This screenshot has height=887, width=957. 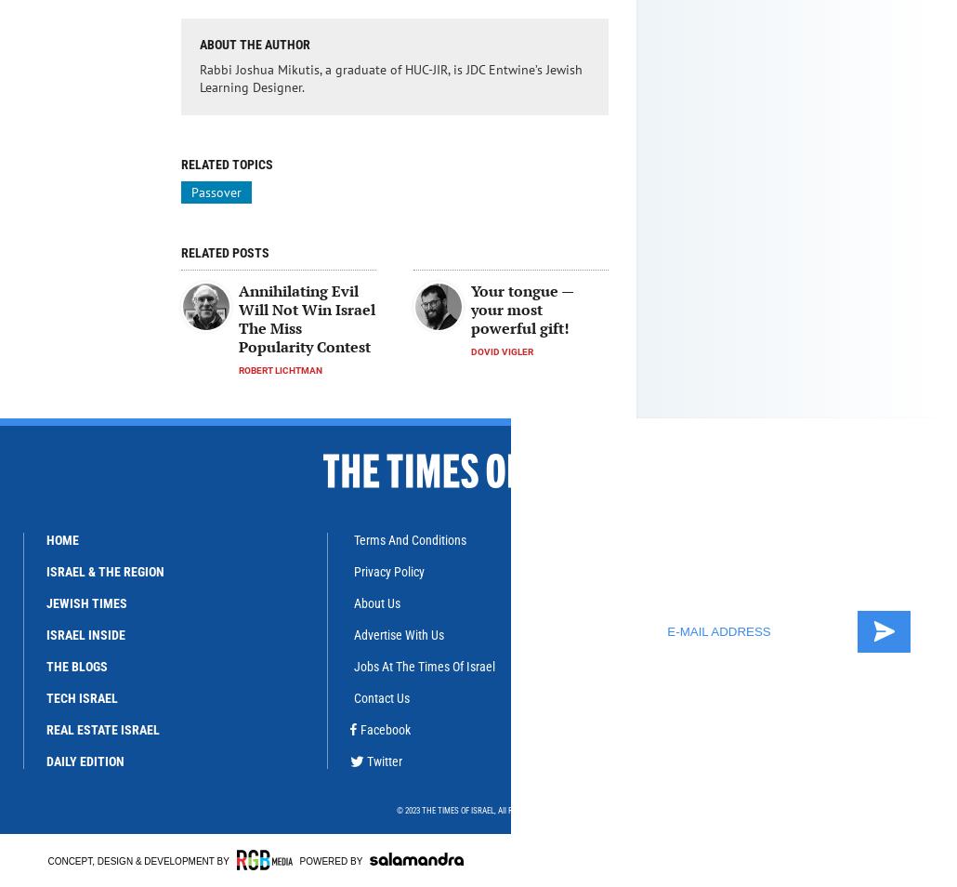 I want to click on 'Robert Lichtman', so click(x=279, y=370).